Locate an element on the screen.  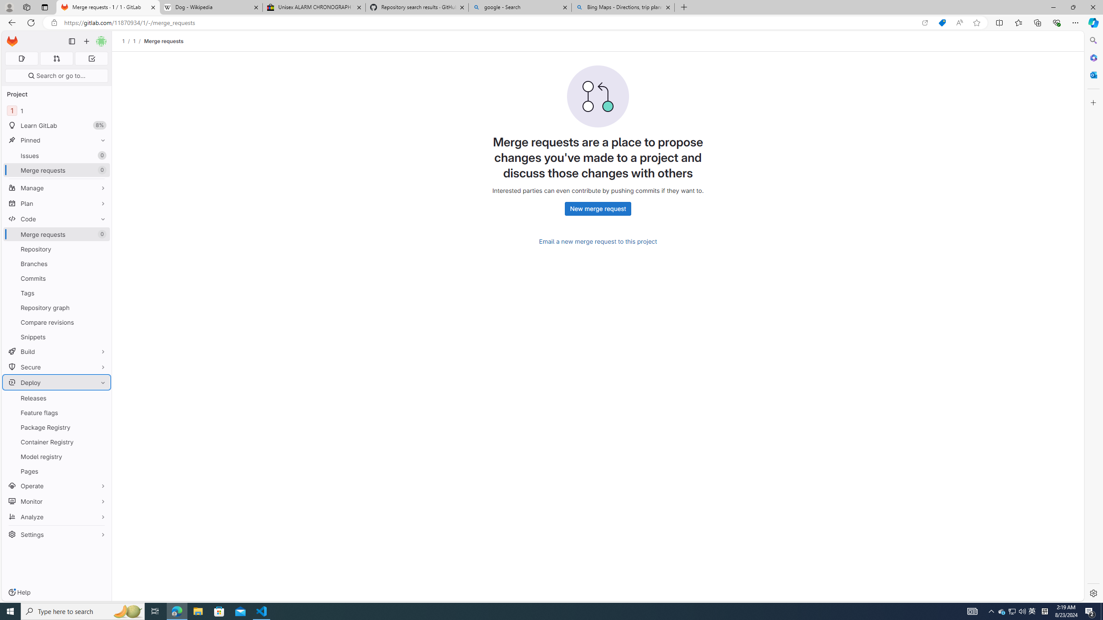
'Analyze' is located at coordinates (56, 516).